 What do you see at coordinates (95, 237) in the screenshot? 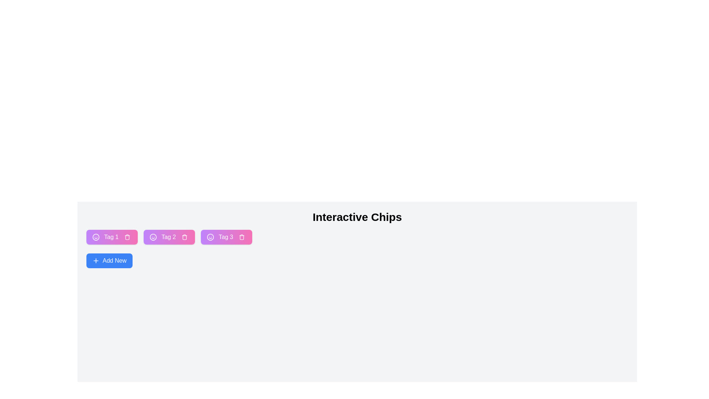
I see `the smile icon of the chip labeled Tag 1` at bounding box center [95, 237].